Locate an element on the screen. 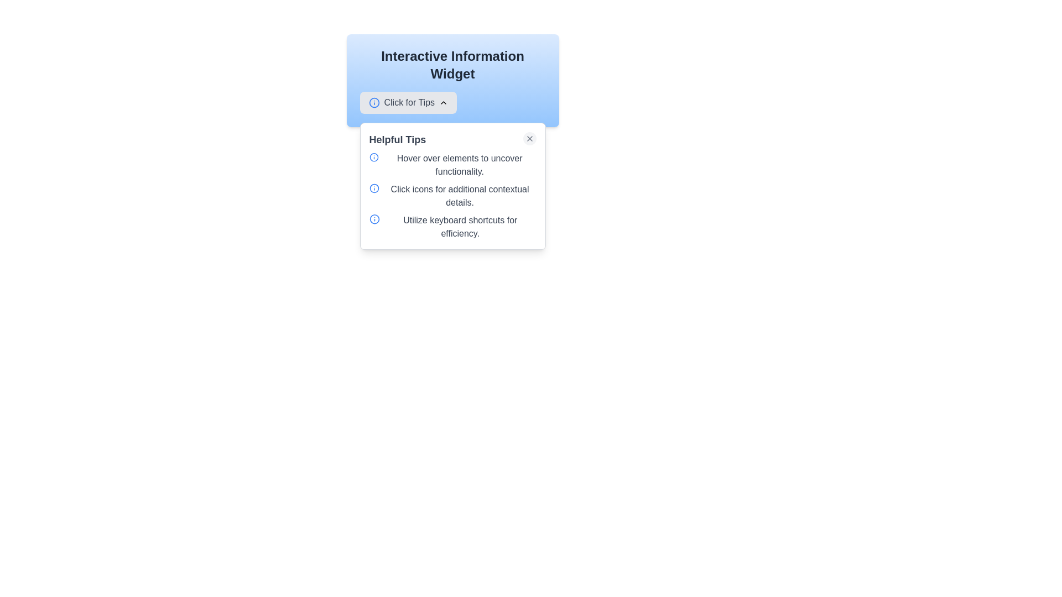  the 'Click for Tips' button, which has a light gray background and a blue information icon is located at coordinates (452, 102).